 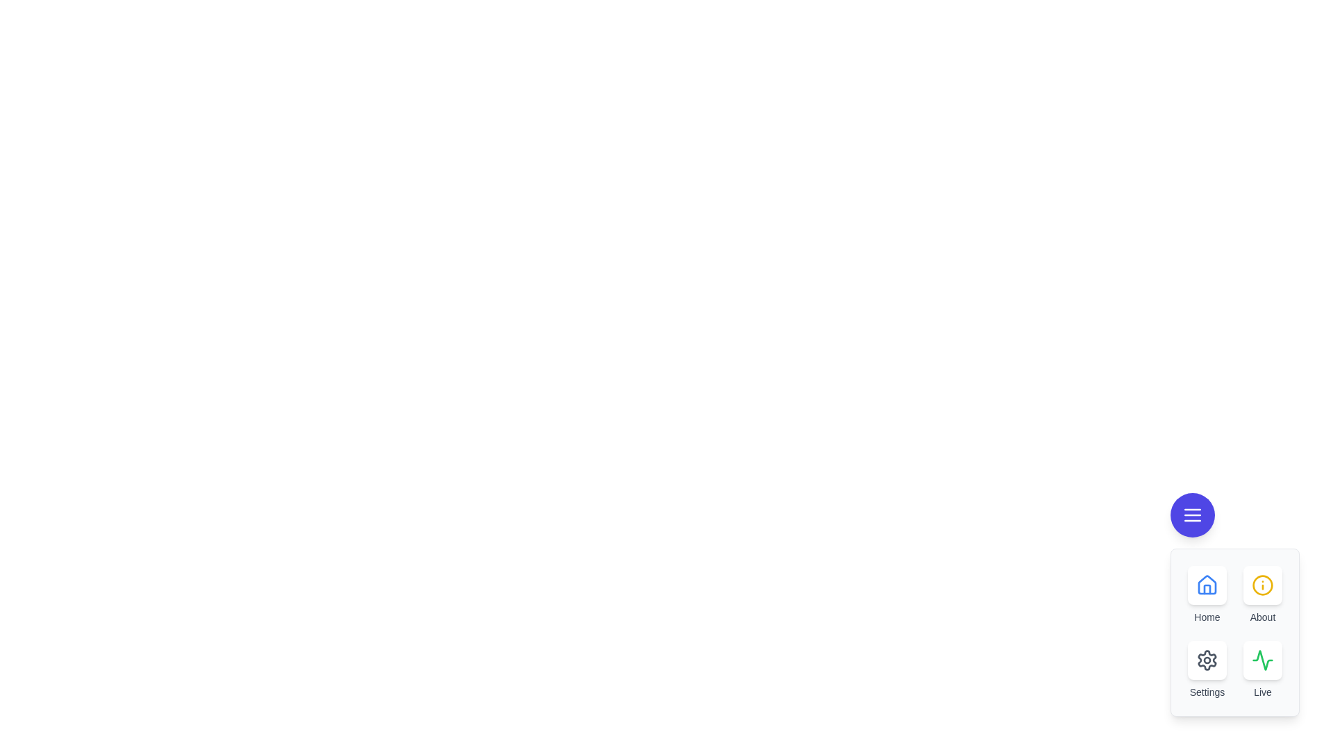 What do you see at coordinates (1263, 660) in the screenshot?
I see `the Live button in the EnhancedSpeedDial component` at bounding box center [1263, 660].